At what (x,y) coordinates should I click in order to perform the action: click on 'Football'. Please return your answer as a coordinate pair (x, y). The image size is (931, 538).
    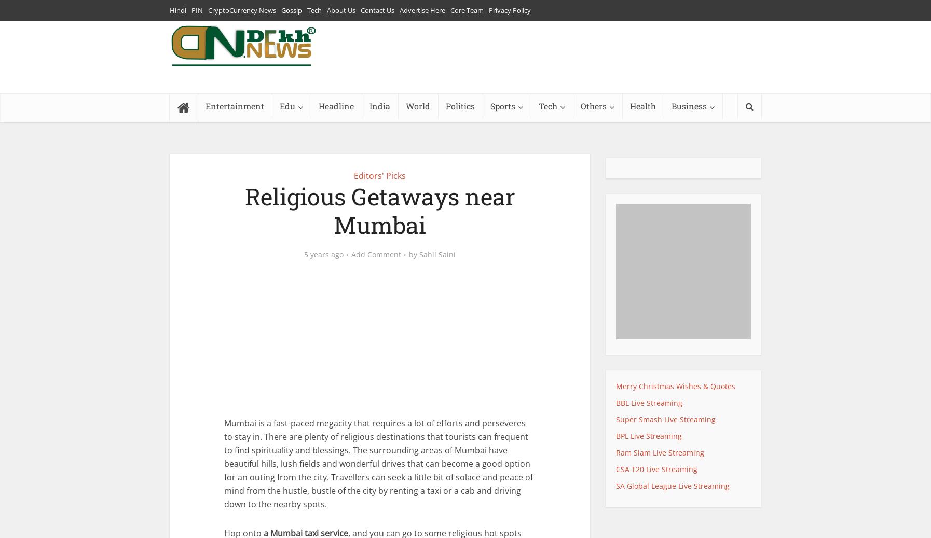
    Looking at the image, I should click on (490, 181).